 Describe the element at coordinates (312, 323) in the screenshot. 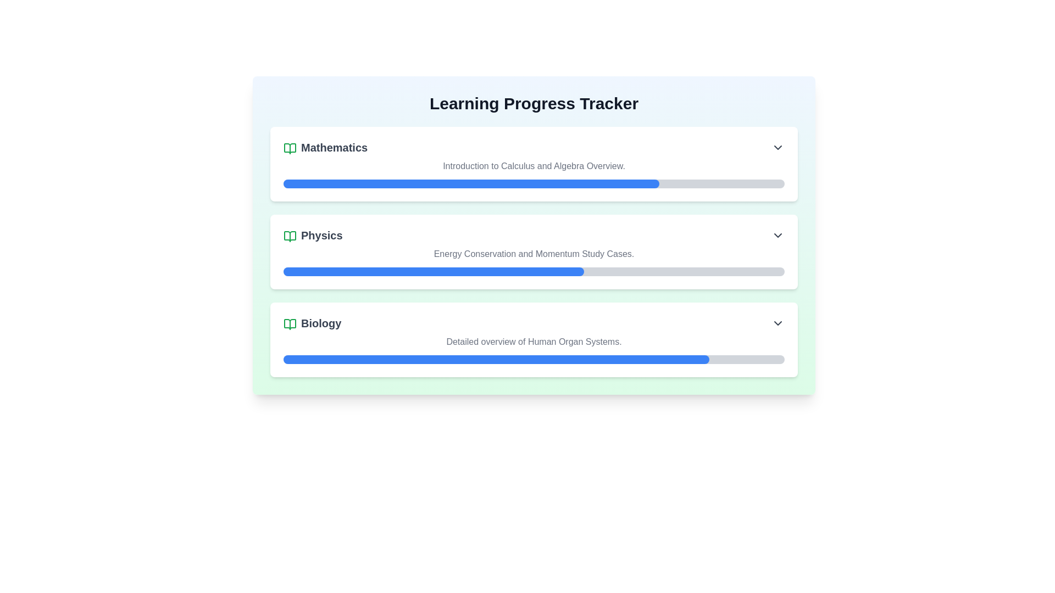

I see `text content of the title header for the 'Biology' section of the 'Learning Progress Tracker', which is bold and located to the right of a green book icon` at that location.